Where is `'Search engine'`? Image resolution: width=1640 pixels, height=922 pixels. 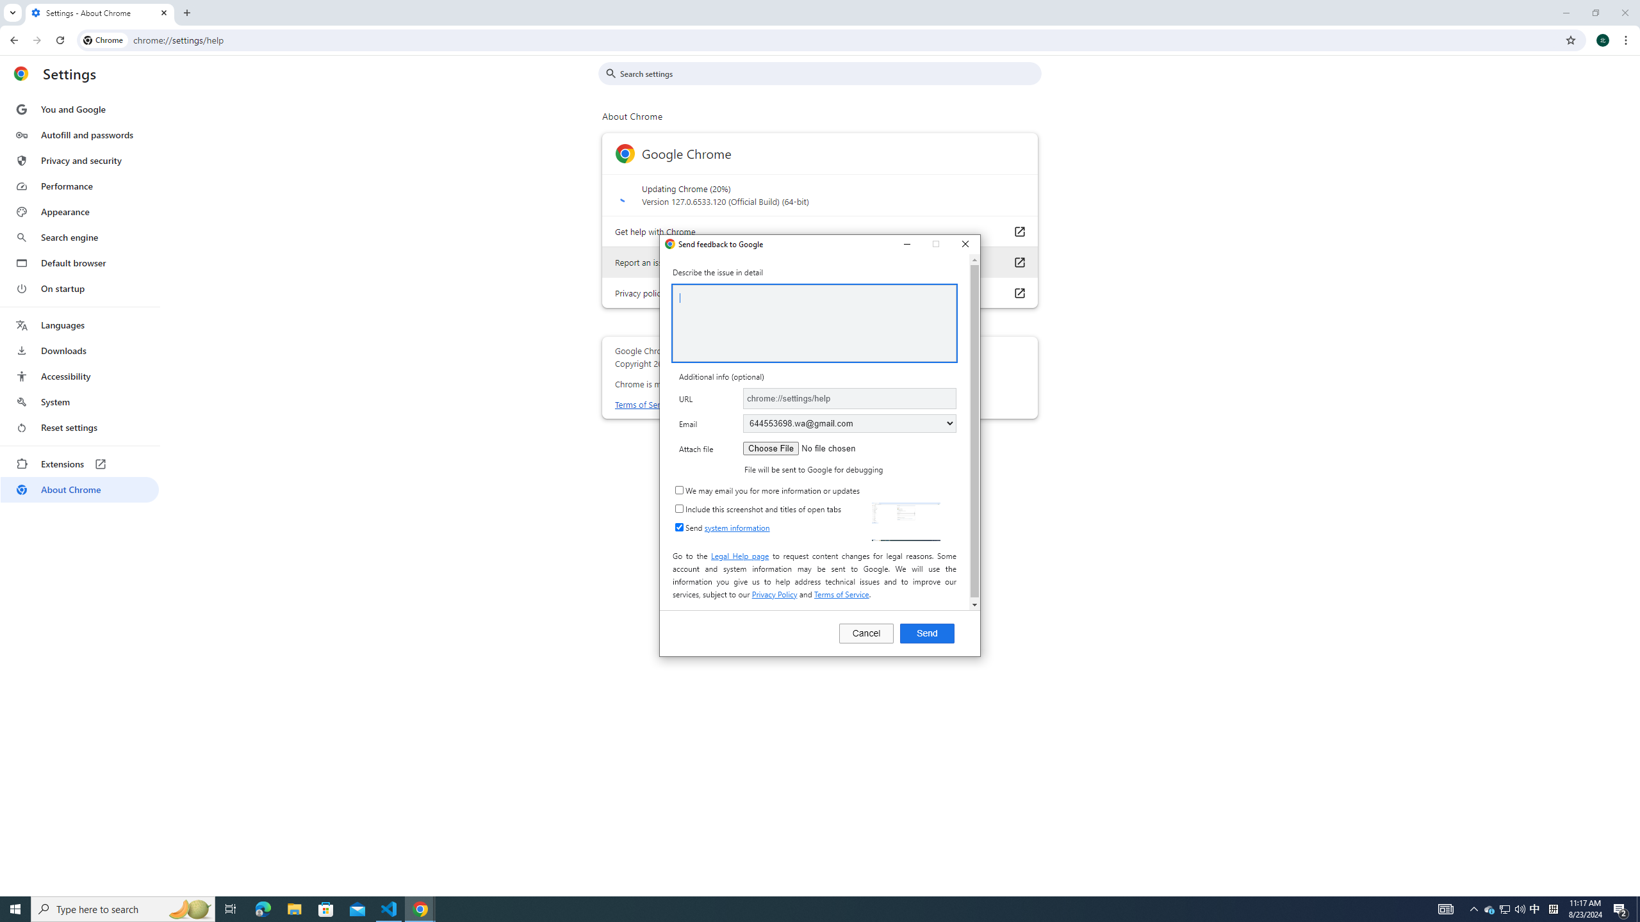 'Search engine' is located at coordinates (79, 263).